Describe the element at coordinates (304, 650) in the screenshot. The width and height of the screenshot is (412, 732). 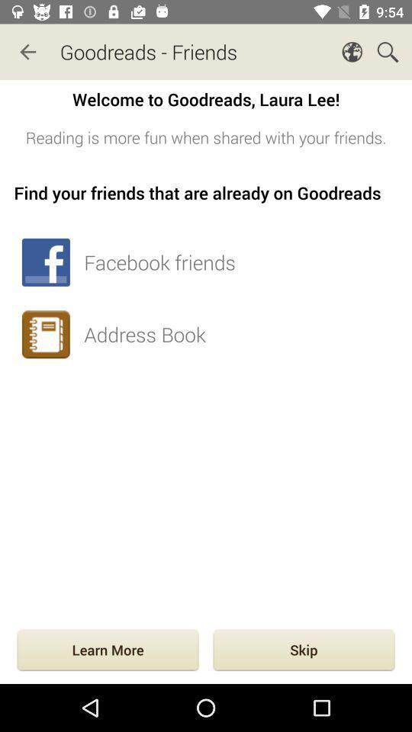
I see `skip at the bottom right corner` at that location.